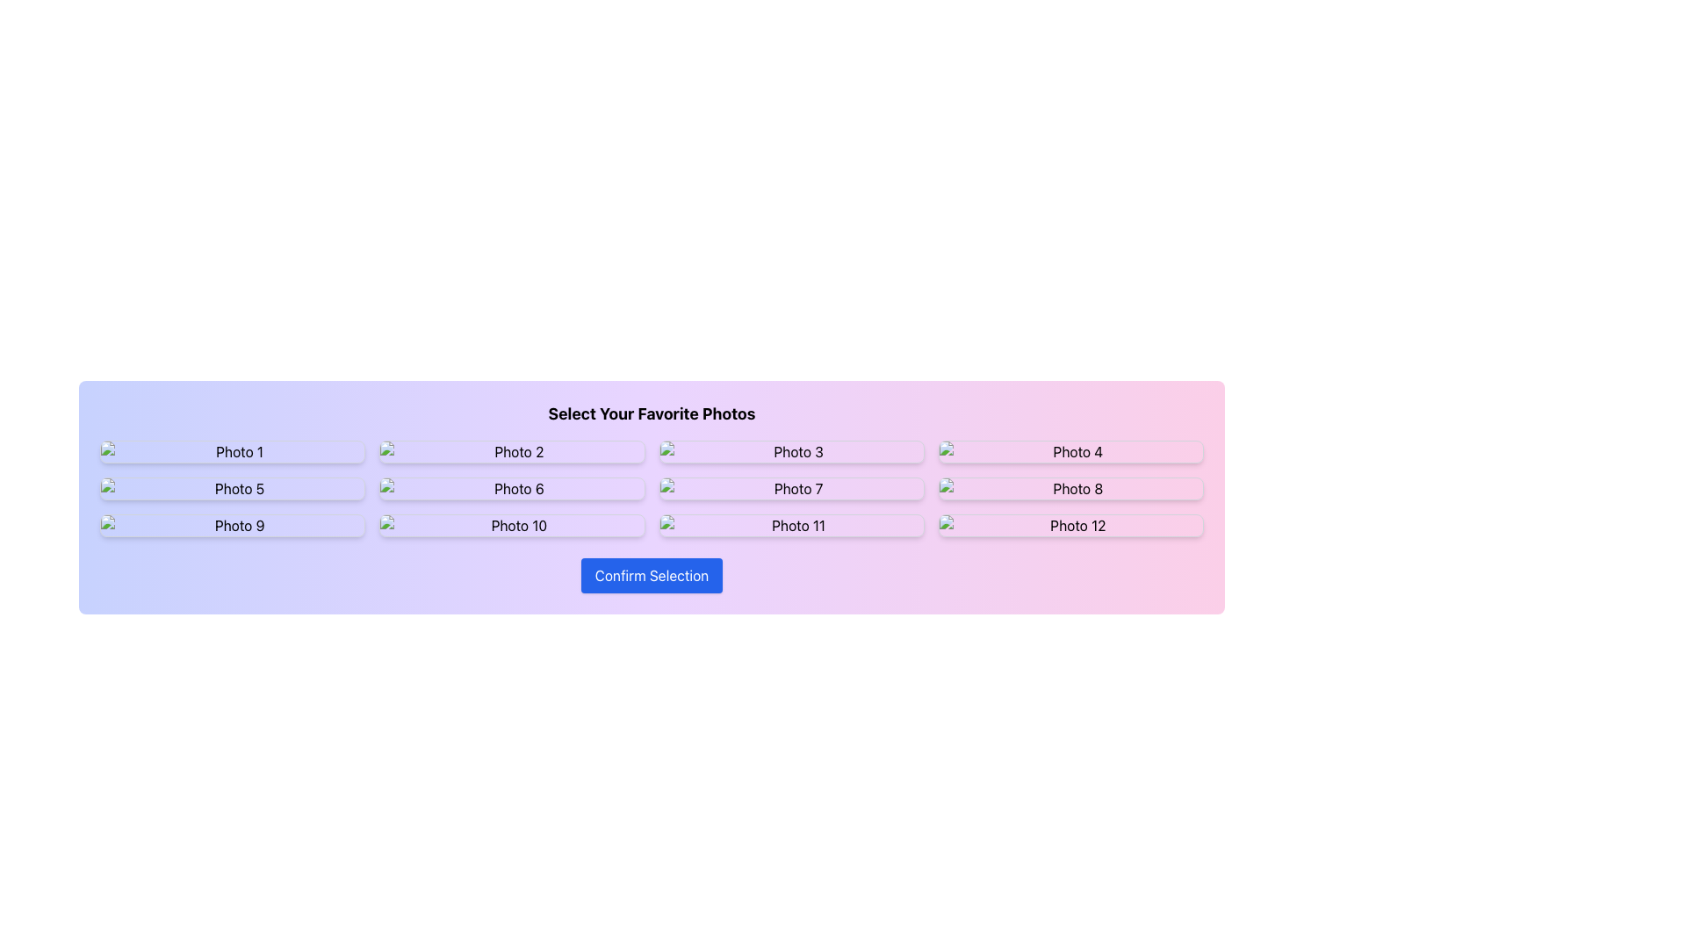  I want to click on the placeholder image labeled 'Photo 11' located in the third column and fourth row of the grid under 'Select Your Favorite Photos', so click(790, 524).